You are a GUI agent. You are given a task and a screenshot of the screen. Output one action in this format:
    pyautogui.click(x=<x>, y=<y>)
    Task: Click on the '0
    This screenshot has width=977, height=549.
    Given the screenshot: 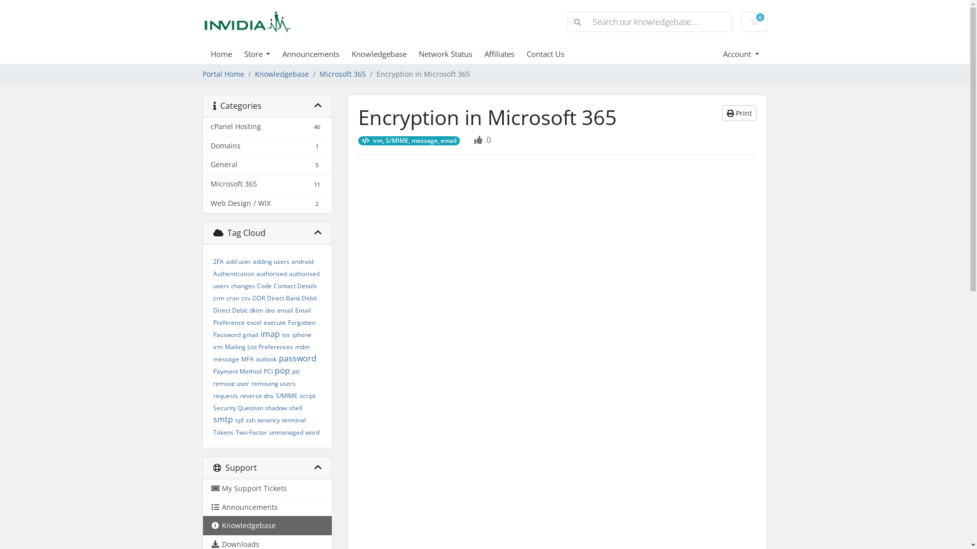 What is the action you would take?
    pyautogui.click(x=754, y=21)
    